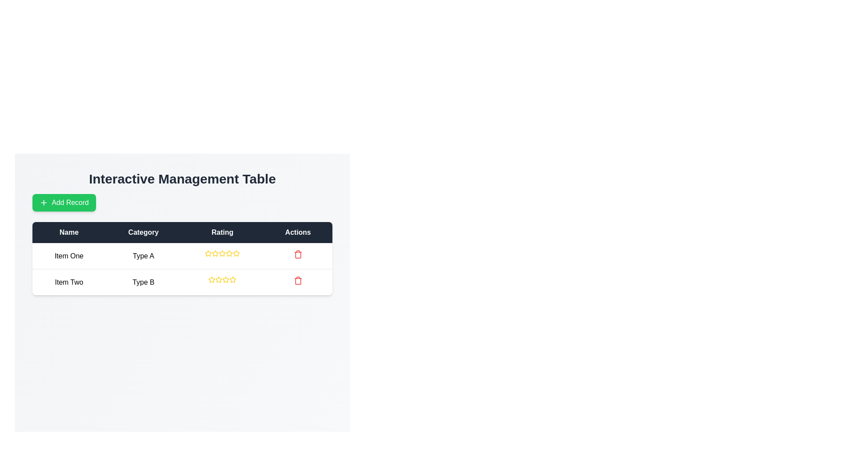  I want to click on the second star in the 5-star rating system under the 'Rating' column for 'Item Two' to rate it, so click(212, 280).